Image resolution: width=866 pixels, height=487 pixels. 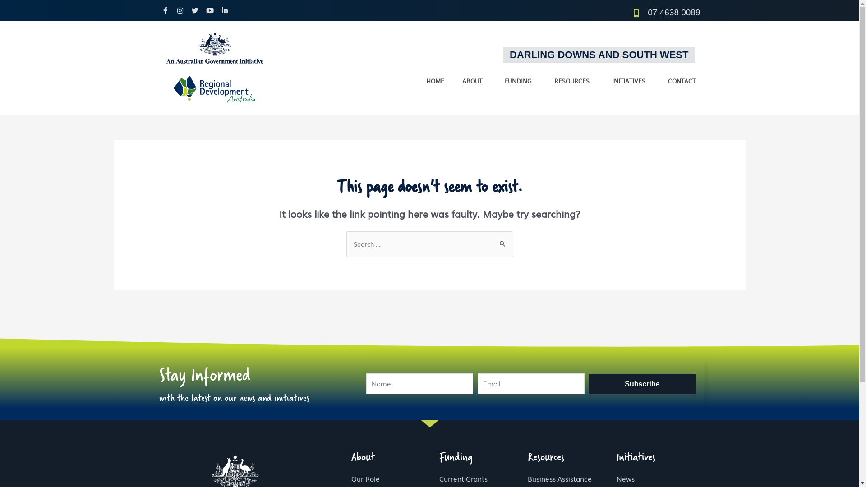 I want to click on 'FUNDING', so click(x=520, y=80).